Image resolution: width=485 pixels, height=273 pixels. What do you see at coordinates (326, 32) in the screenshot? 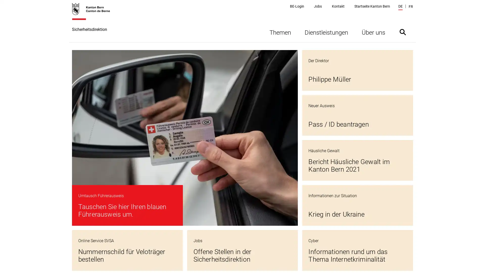
I see `Dienstleistungen` at bounding box center [326, 32].